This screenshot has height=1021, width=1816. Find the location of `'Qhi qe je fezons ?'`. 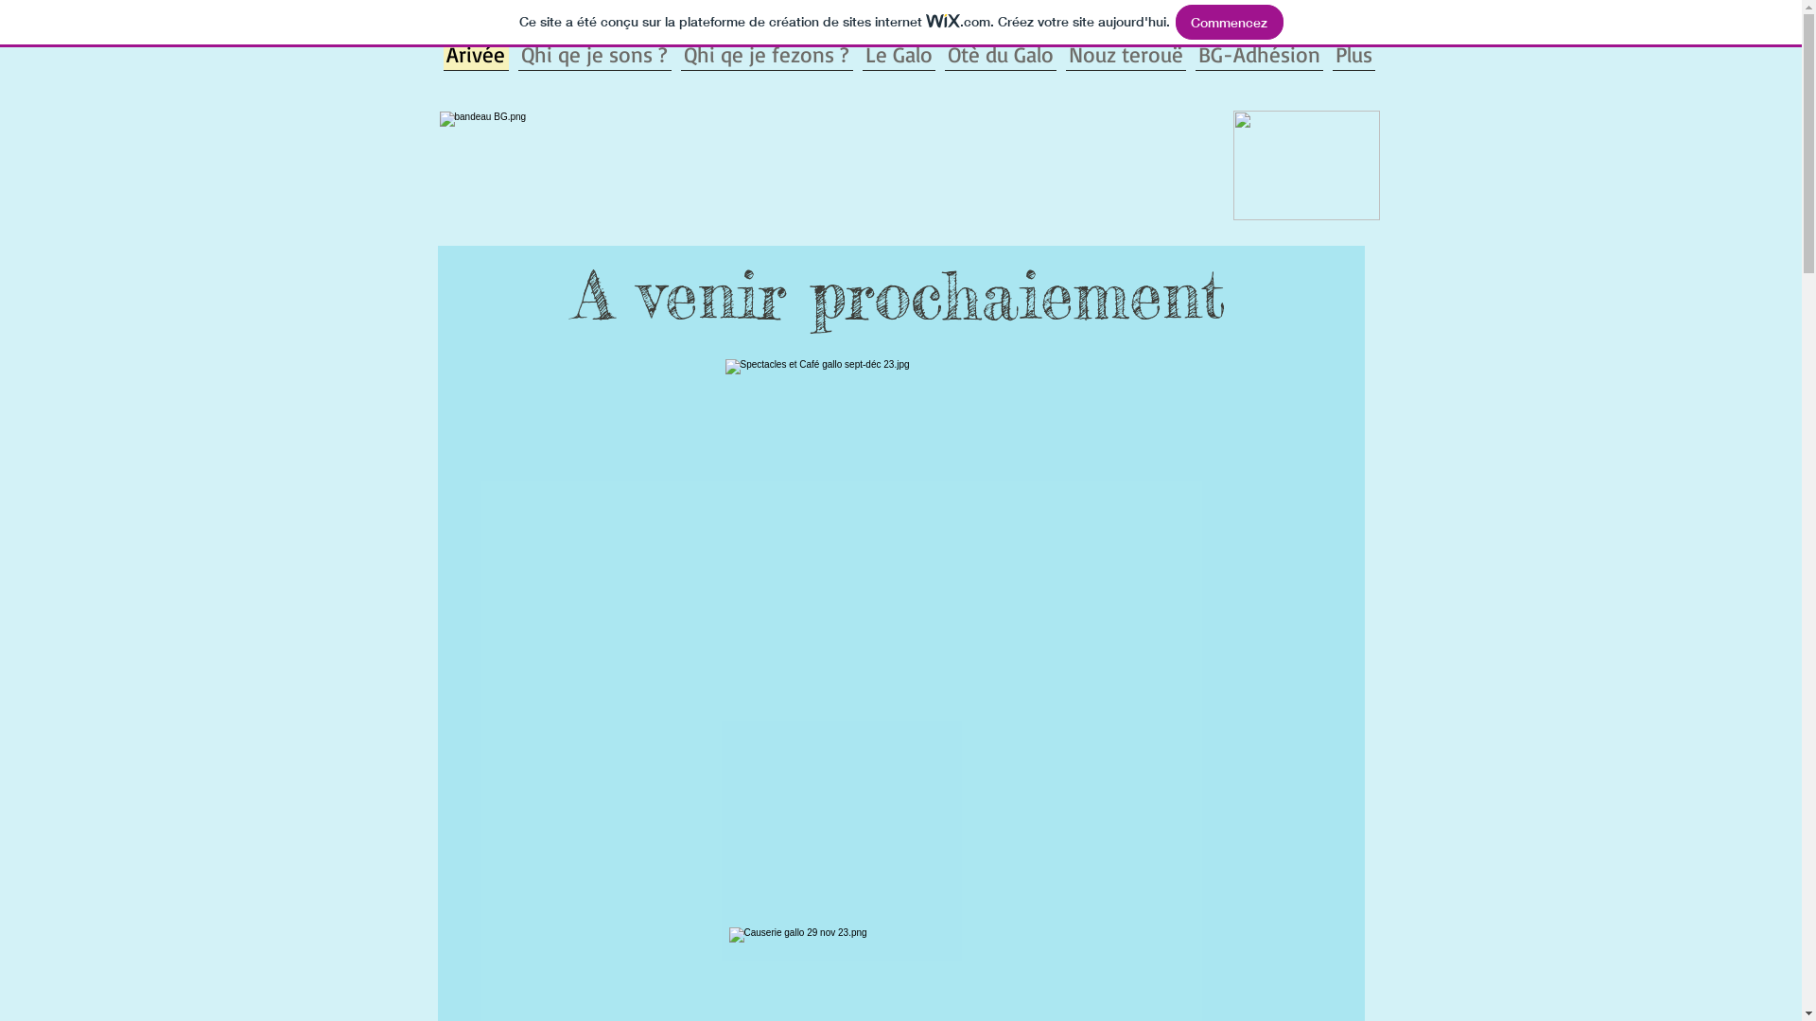

'Qhi qe je fezons ?' is located at coordinates (766, 50).